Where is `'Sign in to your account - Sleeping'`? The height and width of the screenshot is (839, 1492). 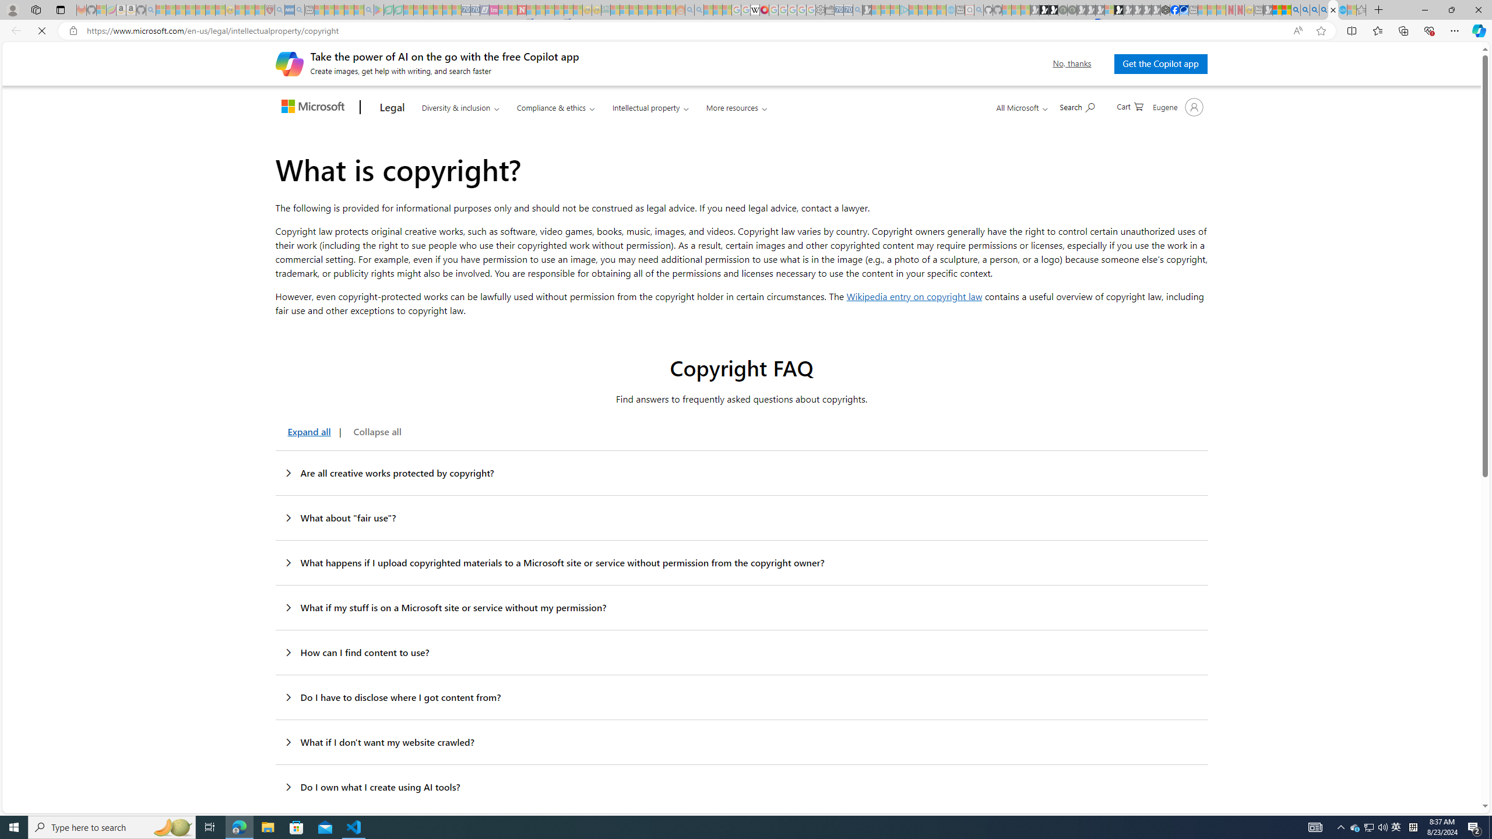
'Sign in to your account - Sleeping' is located at coordinates (1109, 9).